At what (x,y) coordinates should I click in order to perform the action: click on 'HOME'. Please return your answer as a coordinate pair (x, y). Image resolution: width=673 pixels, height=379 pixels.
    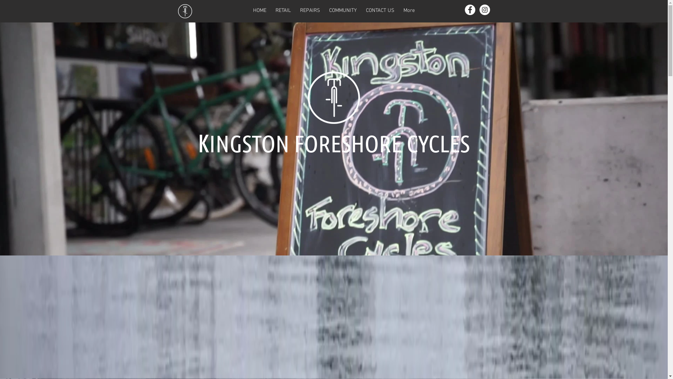
    Looking at the image, I should click on (259, 11).